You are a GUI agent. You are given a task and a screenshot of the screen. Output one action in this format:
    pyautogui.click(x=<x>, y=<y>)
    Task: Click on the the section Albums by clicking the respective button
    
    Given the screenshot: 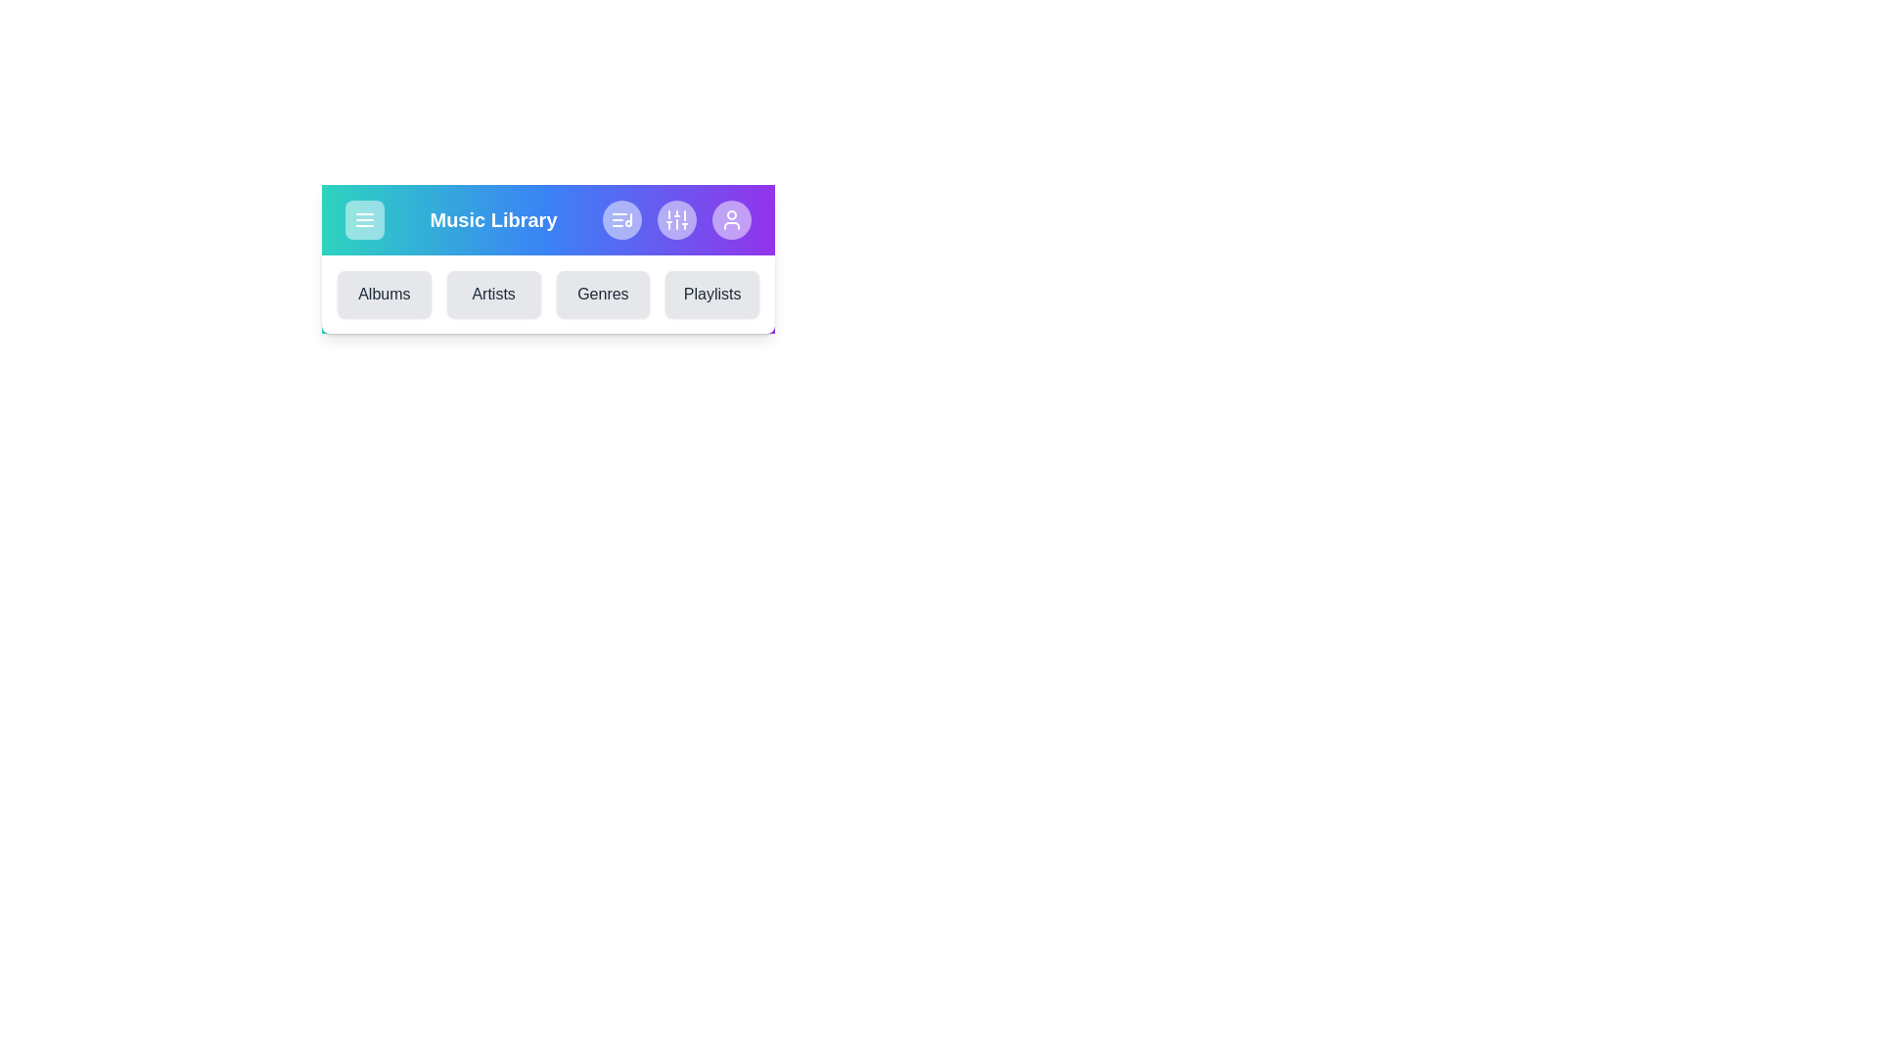 What is the action you would take?
    pyautogui.click(x=384, y=294)
    